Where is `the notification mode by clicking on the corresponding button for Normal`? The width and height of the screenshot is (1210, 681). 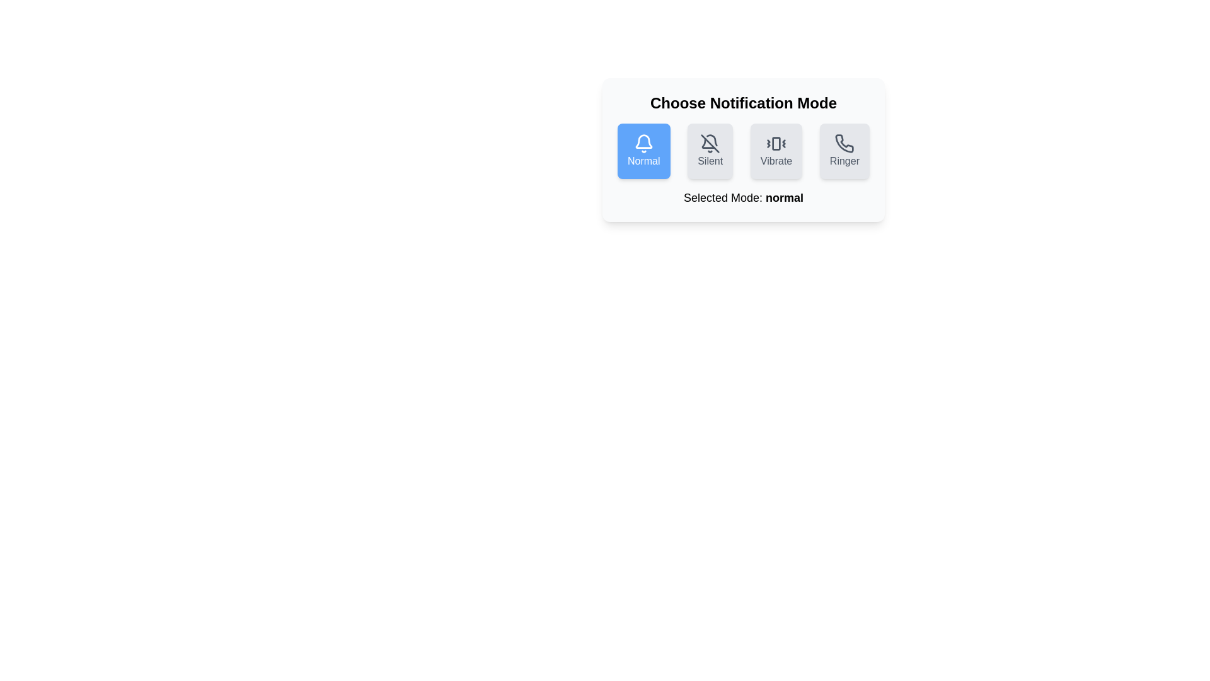 the notification mode by clicking on the corresponding button for Normal is located at coordinates (643, 150).